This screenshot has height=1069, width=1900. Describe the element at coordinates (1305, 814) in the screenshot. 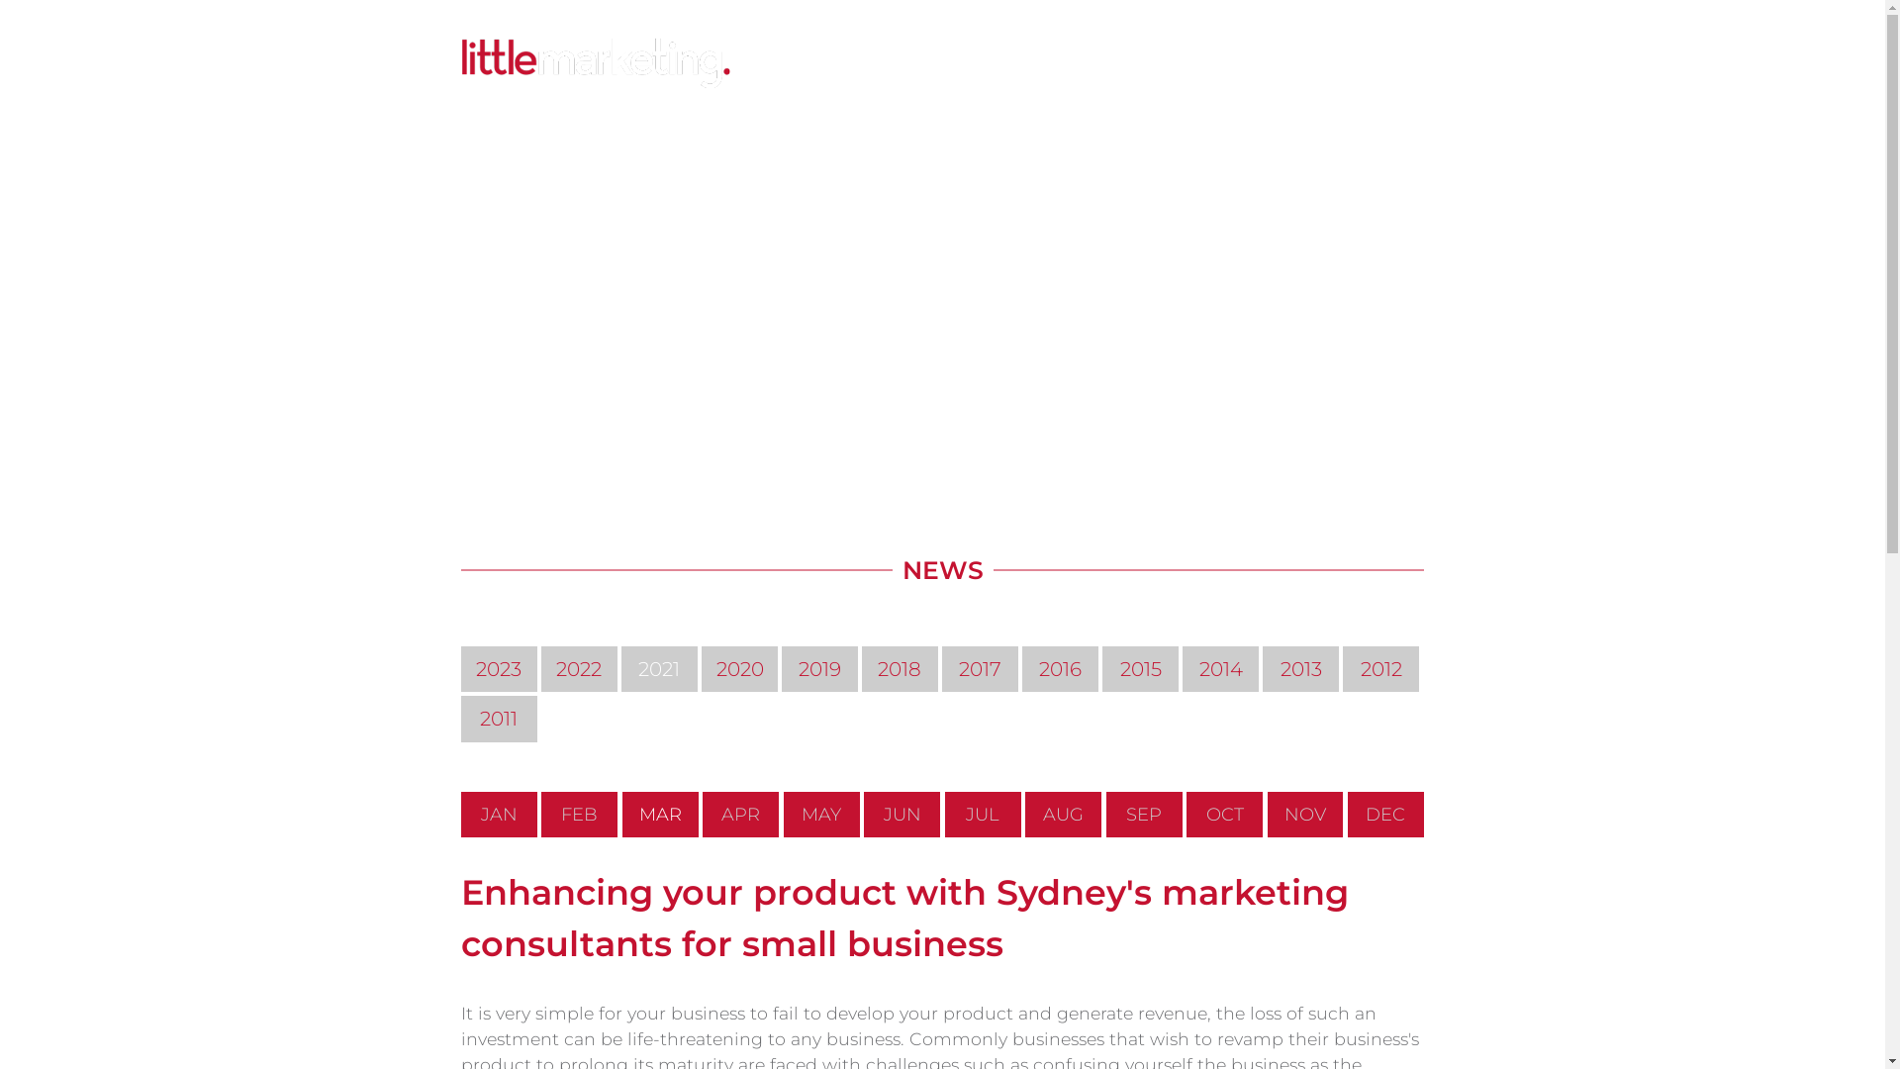

I see `'NOV'` at that location.